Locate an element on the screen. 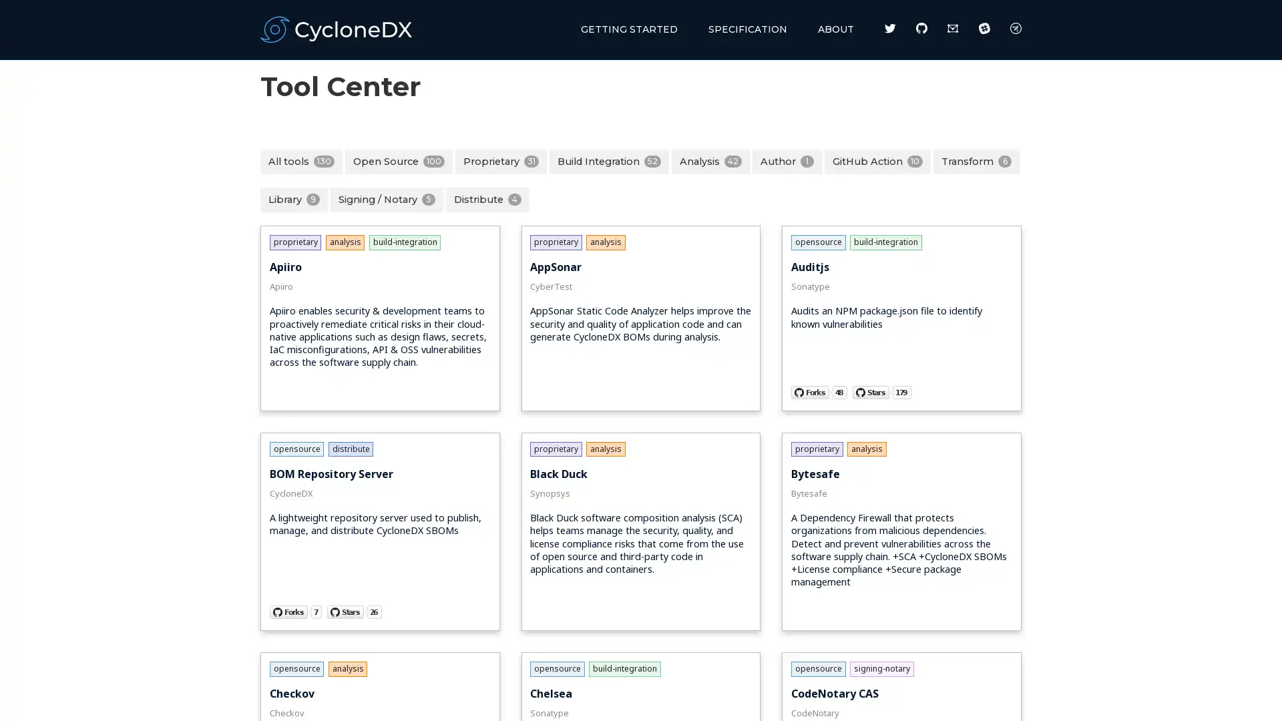 Image resolution: width=1282 pixels, height=721 pixels. All tools 130 is located at coordinates (300, 160).